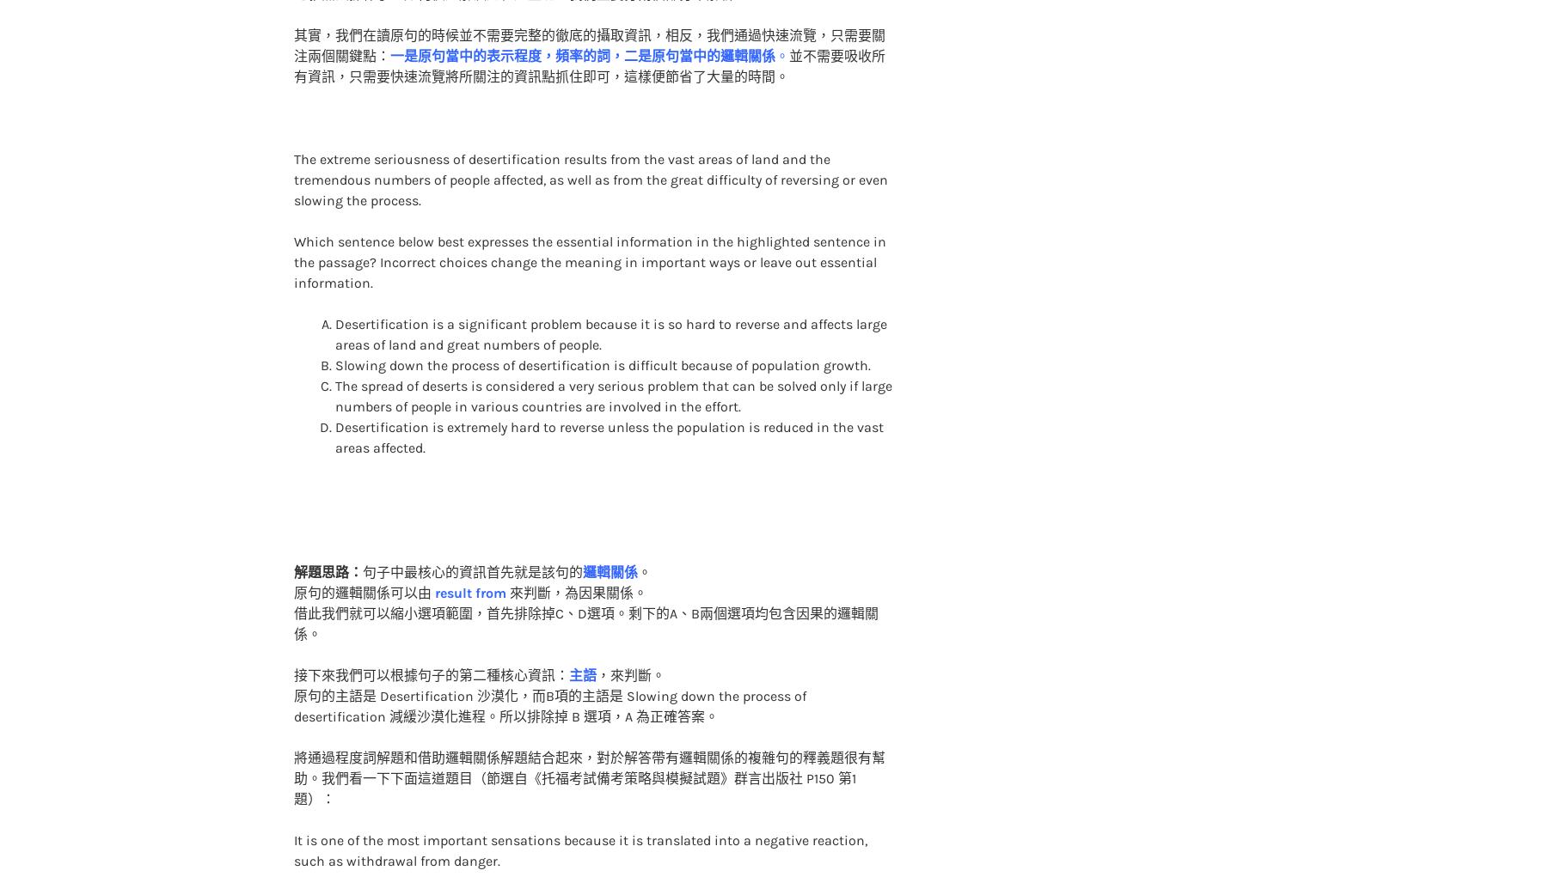 The image size is (1550, 895). What do you see at coordinates (467, 558) in the screenshot?
I see `'result from'` at bounding box center [467, 558].